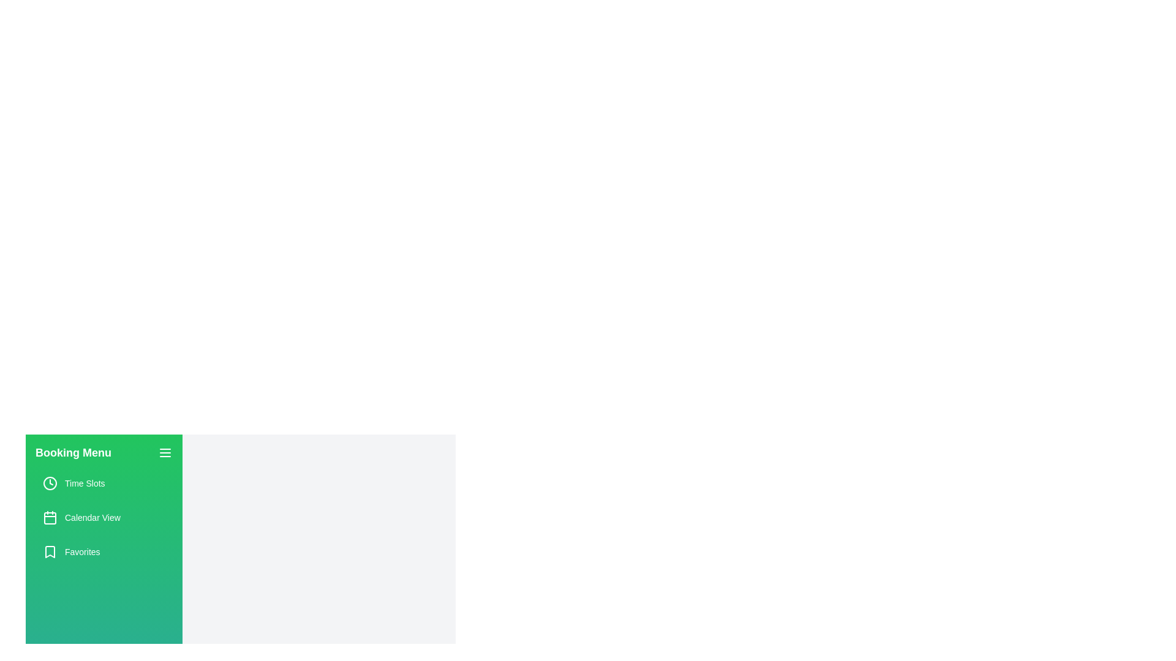 The image size is (1176, 661). Describe the element at coordinates (164, 453) in the screenshot. I see `toggle button to open or close the booking menu` at that location.